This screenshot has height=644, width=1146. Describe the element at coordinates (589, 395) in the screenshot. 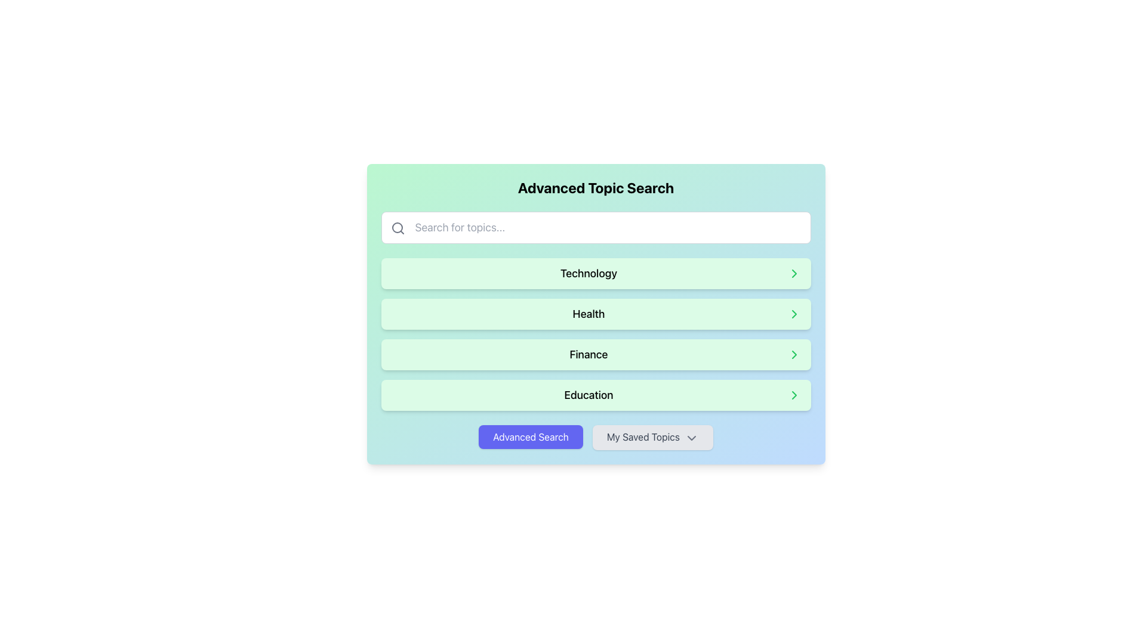

I see `the 'Education' text label, which is styled in a medium-sized, bold, sans-serif font and is part of the 'Advanced Topic Search' options list` at that location.